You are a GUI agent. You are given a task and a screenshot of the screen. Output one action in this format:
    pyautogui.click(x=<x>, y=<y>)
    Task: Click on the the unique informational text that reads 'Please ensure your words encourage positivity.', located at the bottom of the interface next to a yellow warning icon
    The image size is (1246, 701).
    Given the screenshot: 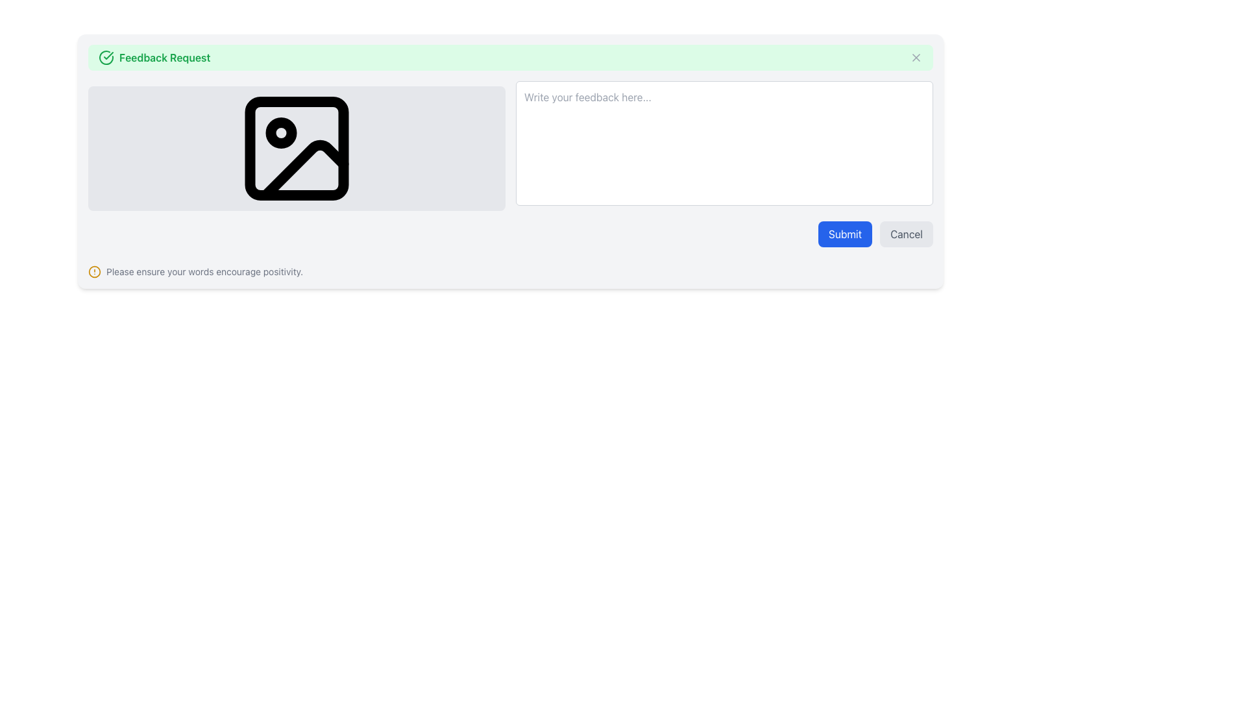 What is the action you would take?
    pyautogui.click(x=204, y=271)
    